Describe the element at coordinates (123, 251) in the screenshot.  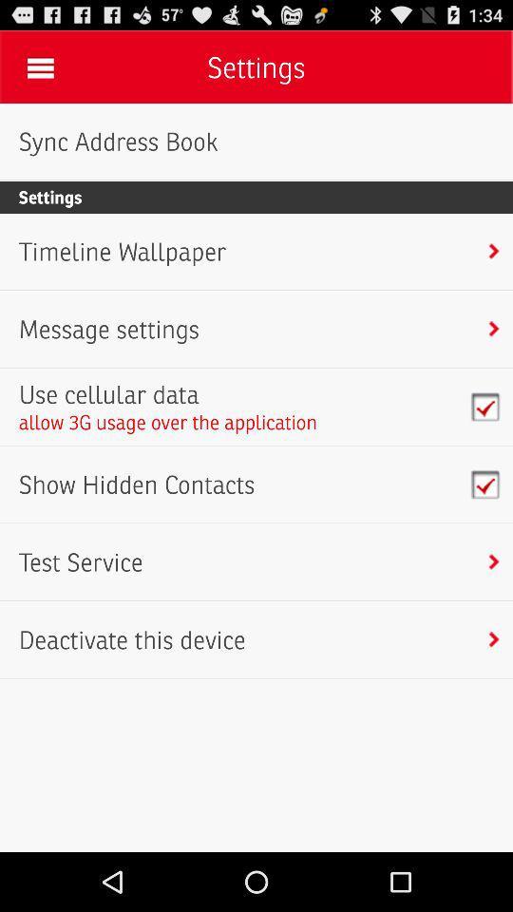
I see `the timeline wallpaper` at that location.